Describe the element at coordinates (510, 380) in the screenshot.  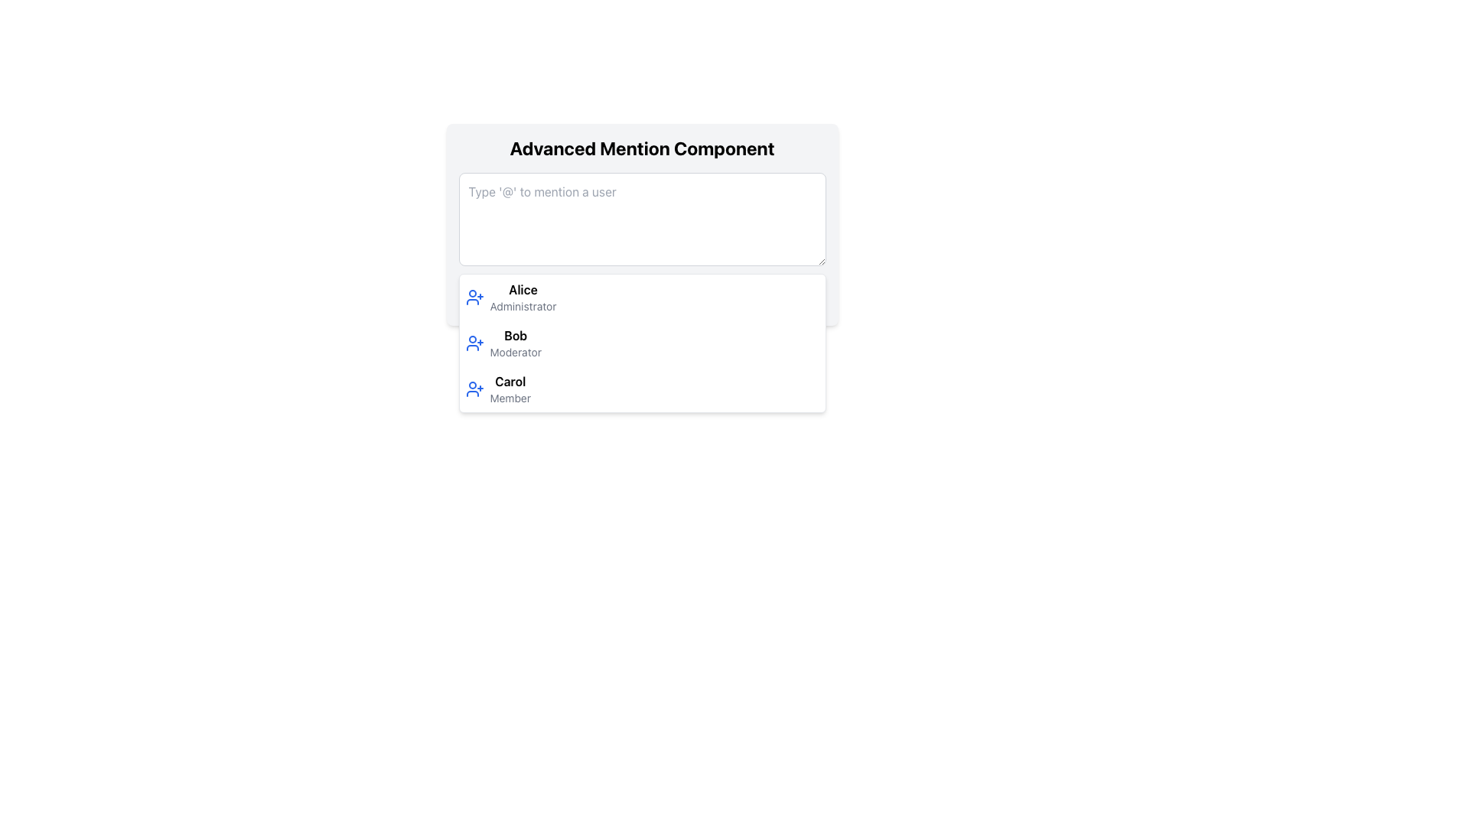
I see `the text content of the label indicating the user 'Carol' in the third entry of the dropdown selection list` at that location.